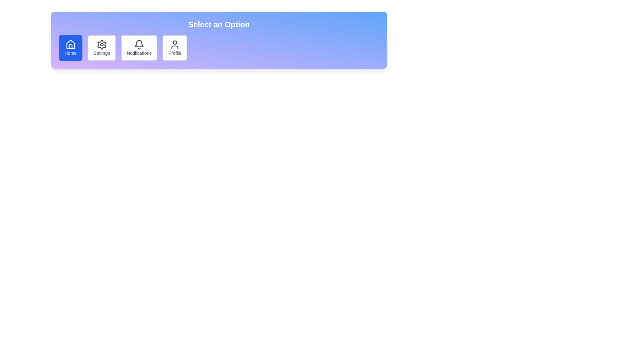  Describe the element at coordinates (101, 53) in the screenshot. I see `the 'Settings' text label in the navigation bar, which is positioned below the gear icon and serves as a clear identifier for the 'Settings' button` at that location.